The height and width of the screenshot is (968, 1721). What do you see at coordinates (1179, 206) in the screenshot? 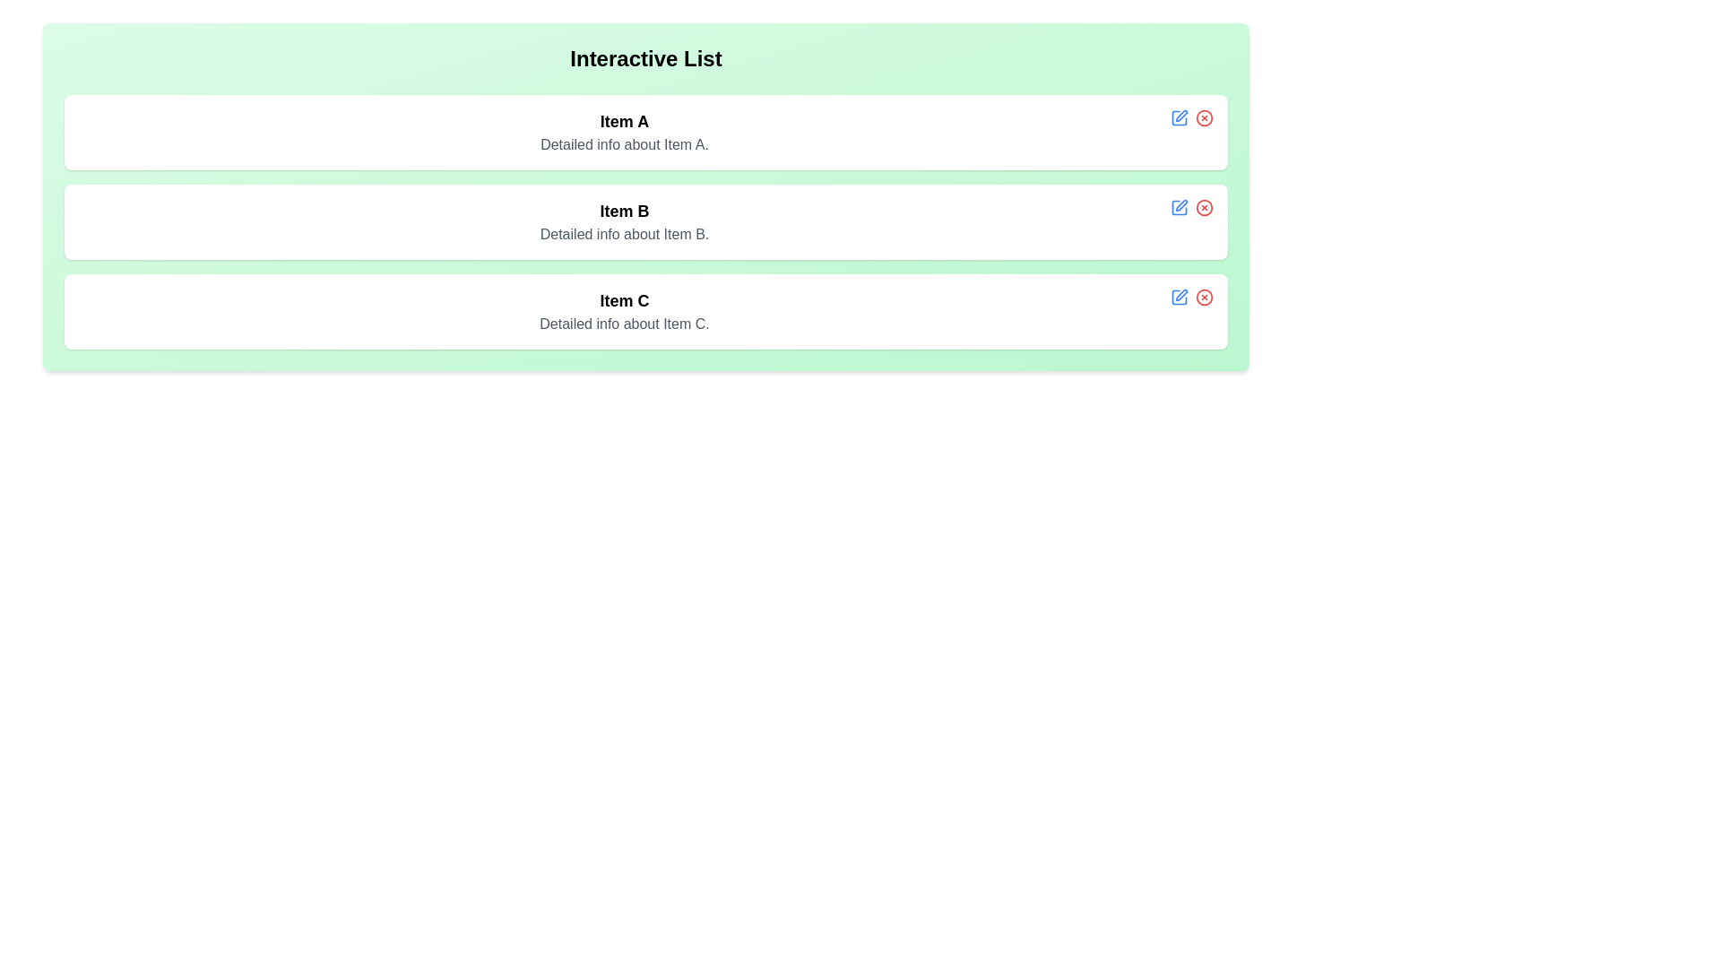
I see `the edit button (icon button) located to the right of the 'Item B' description text in the Interactive List` at bounding box center [1179, 206].